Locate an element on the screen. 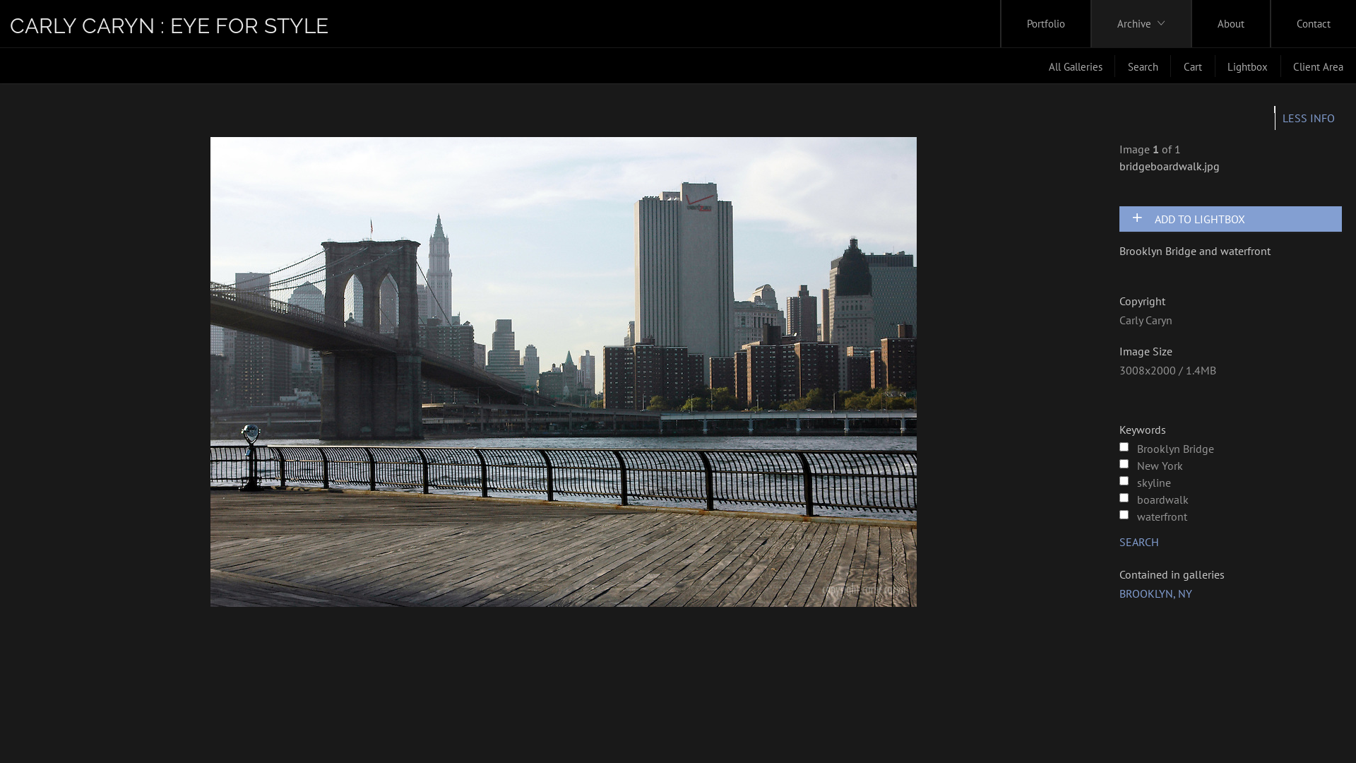 The height and width of the screenshot is (763, 1356). 'Info' is located at coordinates (1307, 117).